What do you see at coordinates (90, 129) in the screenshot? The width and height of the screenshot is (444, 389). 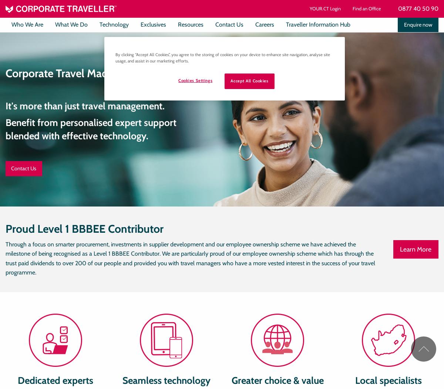 I see `'Benefit from personalised expert support blended with effective technology.'` at bounding box center [90, 129].